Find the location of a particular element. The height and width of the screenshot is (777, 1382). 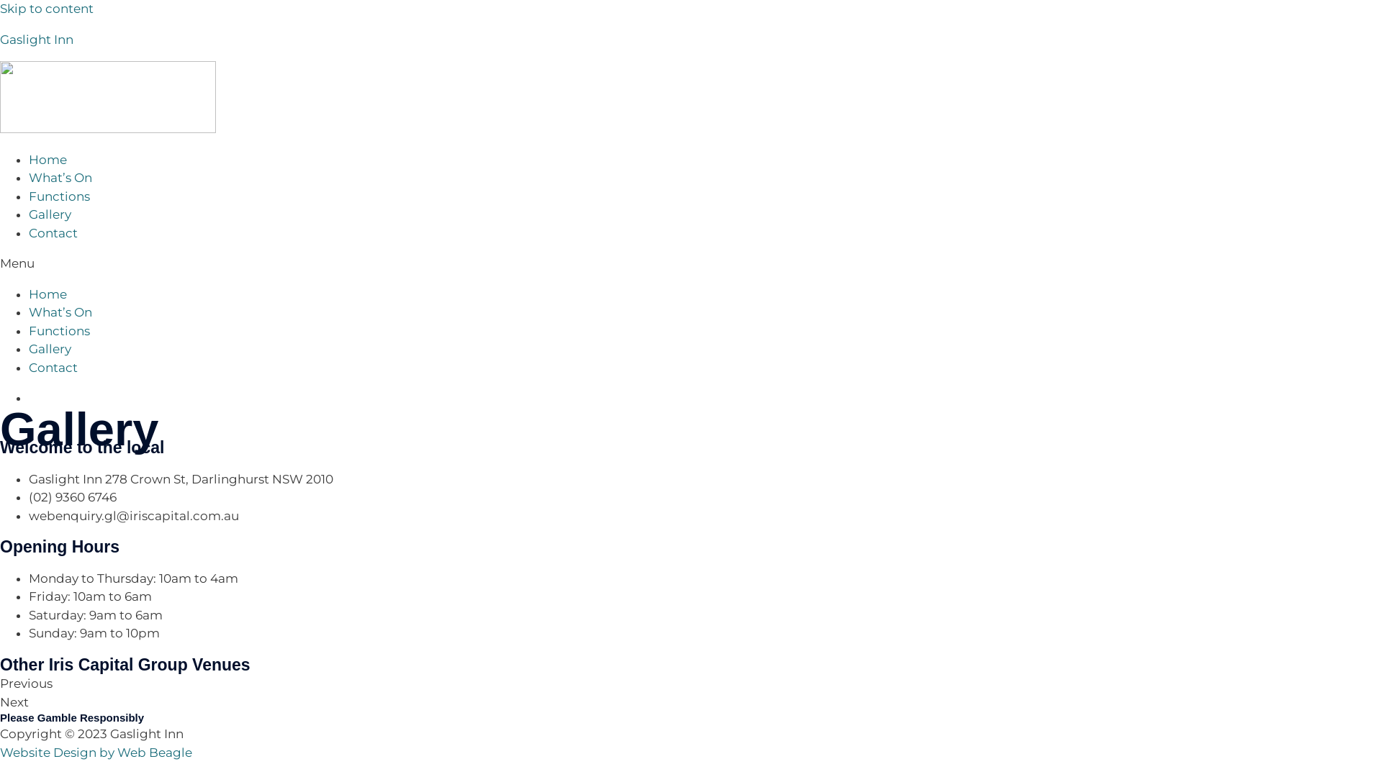

'Gaslight Inn' is located at coordinates (37, 38).